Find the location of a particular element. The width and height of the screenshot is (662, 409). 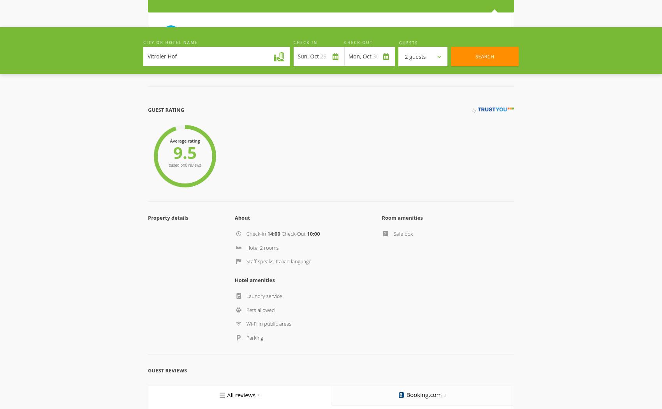

'Google Play' is located at coordinates (405, 344).